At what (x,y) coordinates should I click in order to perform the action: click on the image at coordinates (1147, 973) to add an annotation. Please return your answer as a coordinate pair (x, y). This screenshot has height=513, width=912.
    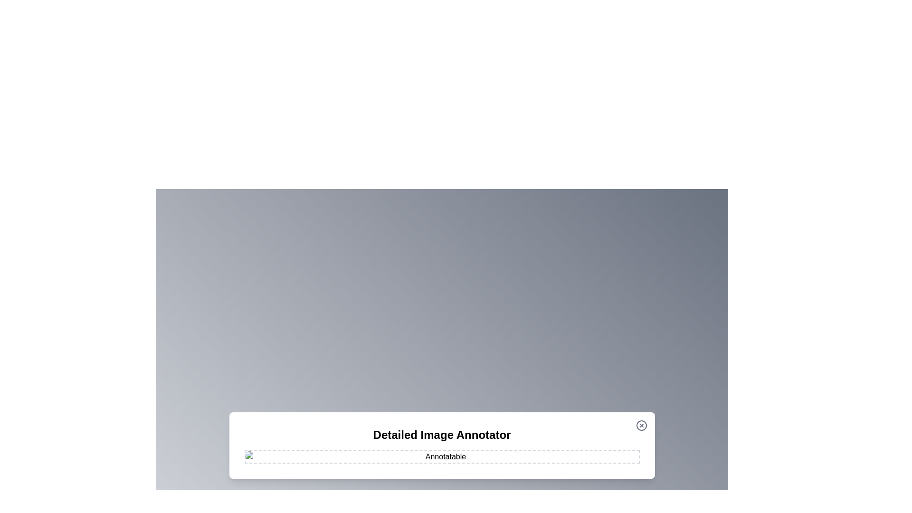
    Looking at the image, I should click on (545, 461).